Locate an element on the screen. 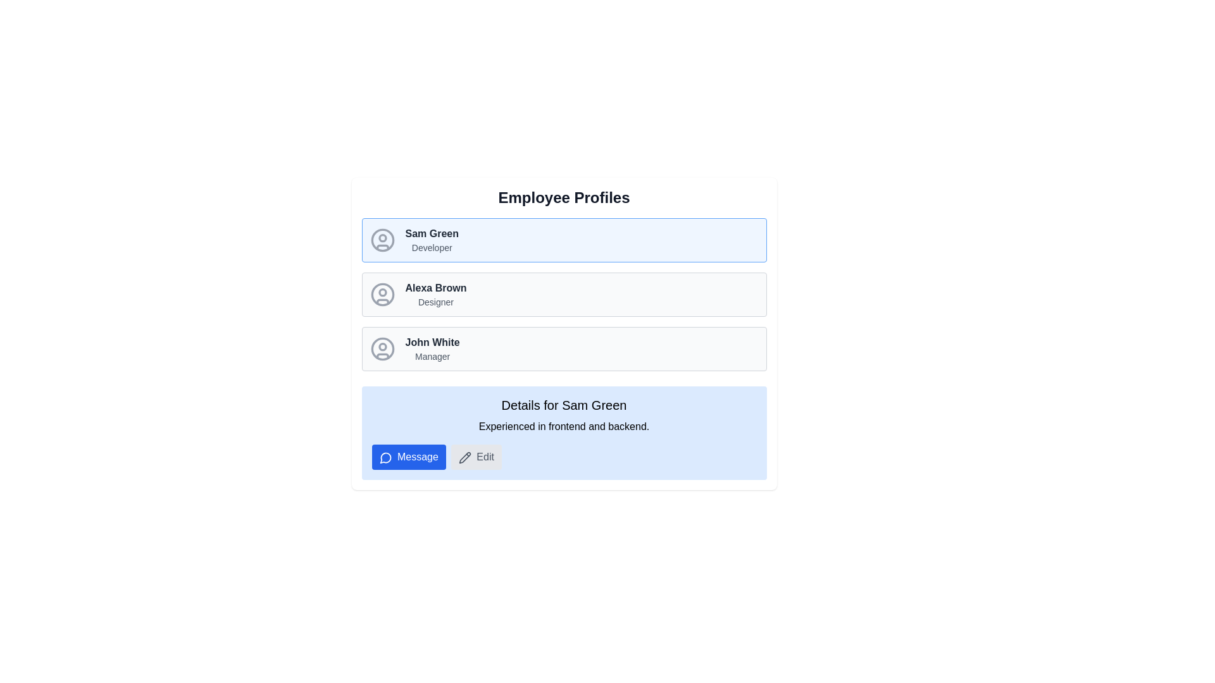 The image size is (1215, 683). near the job title label associated with 'Sam Green' is located at coordinates (432, 248).